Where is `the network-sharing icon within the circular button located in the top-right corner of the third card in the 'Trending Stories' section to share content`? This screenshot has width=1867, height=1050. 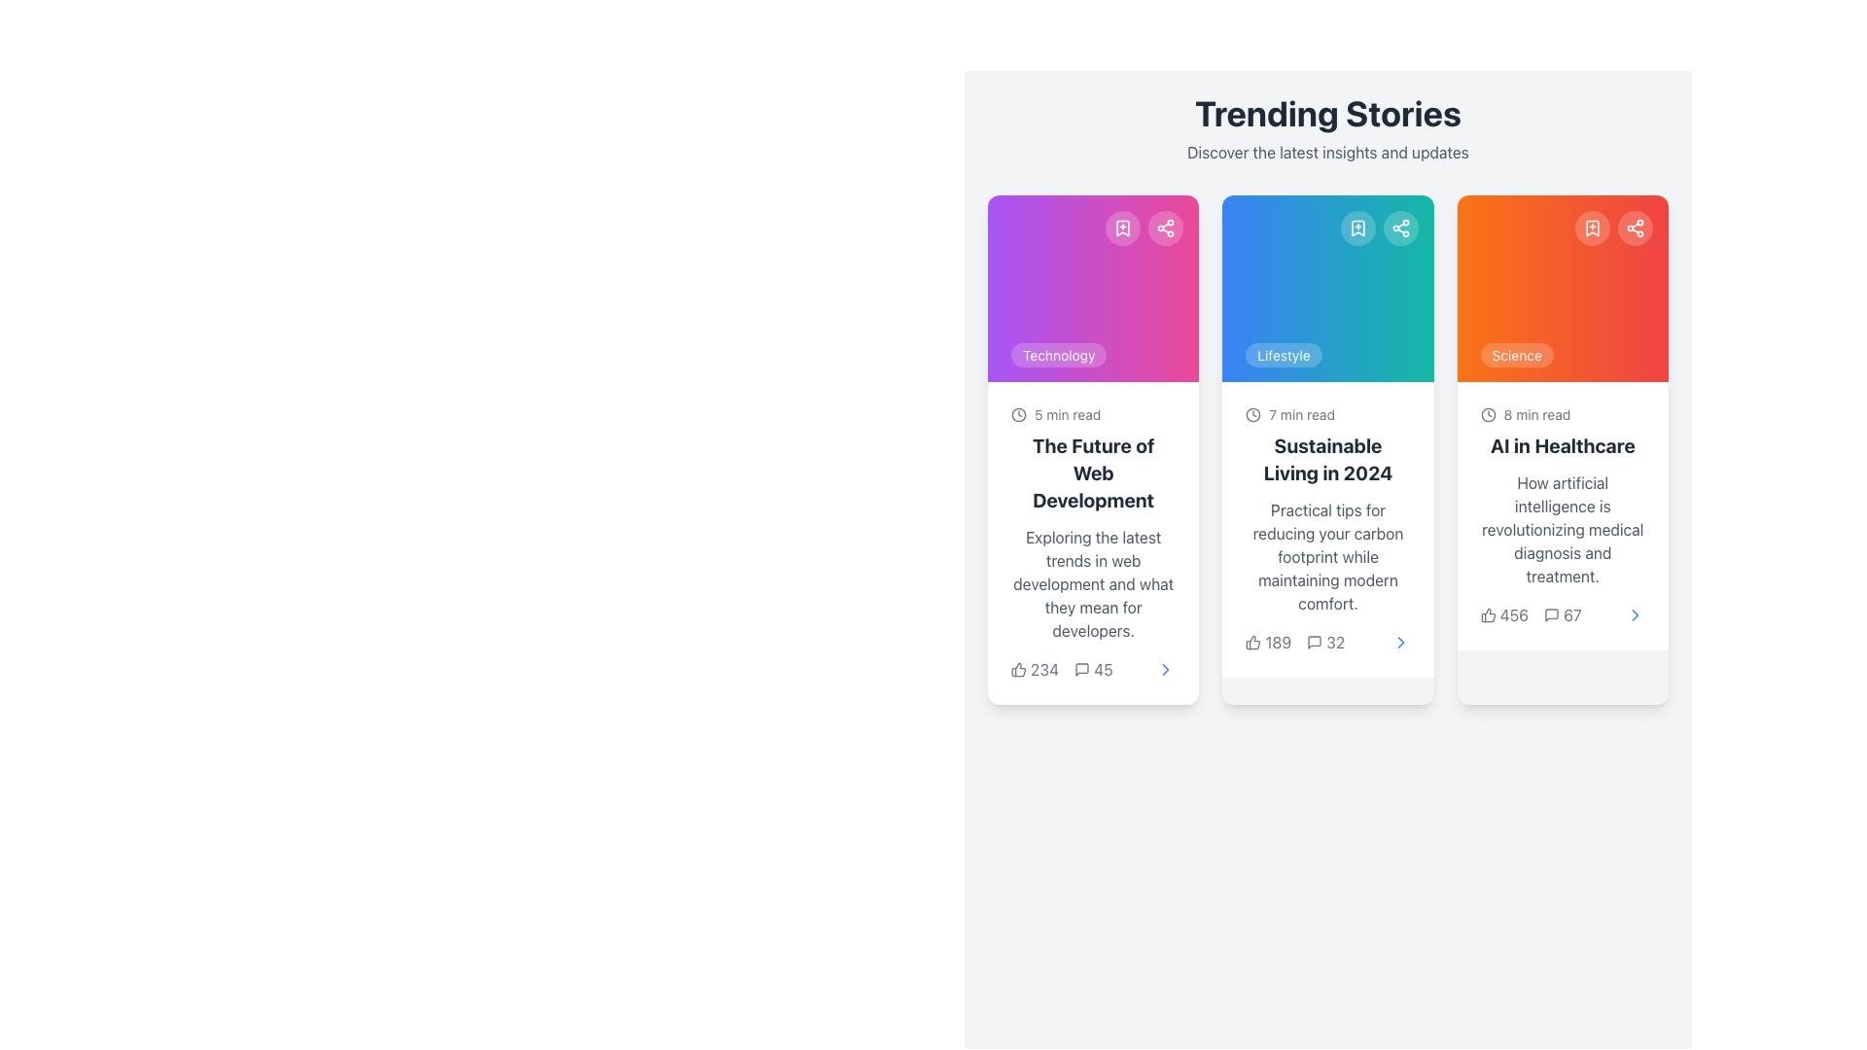
the network-sharing icon within the circular button located in the top-right corner of the third card in the 'Trending Stories' section to share content is located at coordinates (1400, 227).